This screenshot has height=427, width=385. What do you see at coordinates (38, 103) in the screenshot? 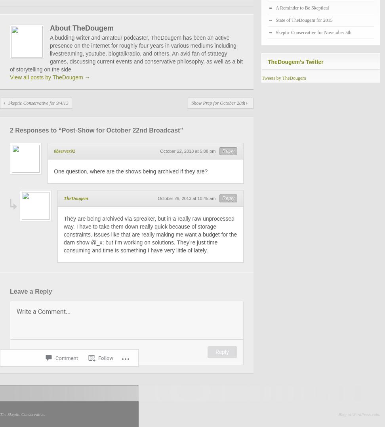
I see `'Skeptic Conservative for 9/4/13'` at bounding box center [38, 103].